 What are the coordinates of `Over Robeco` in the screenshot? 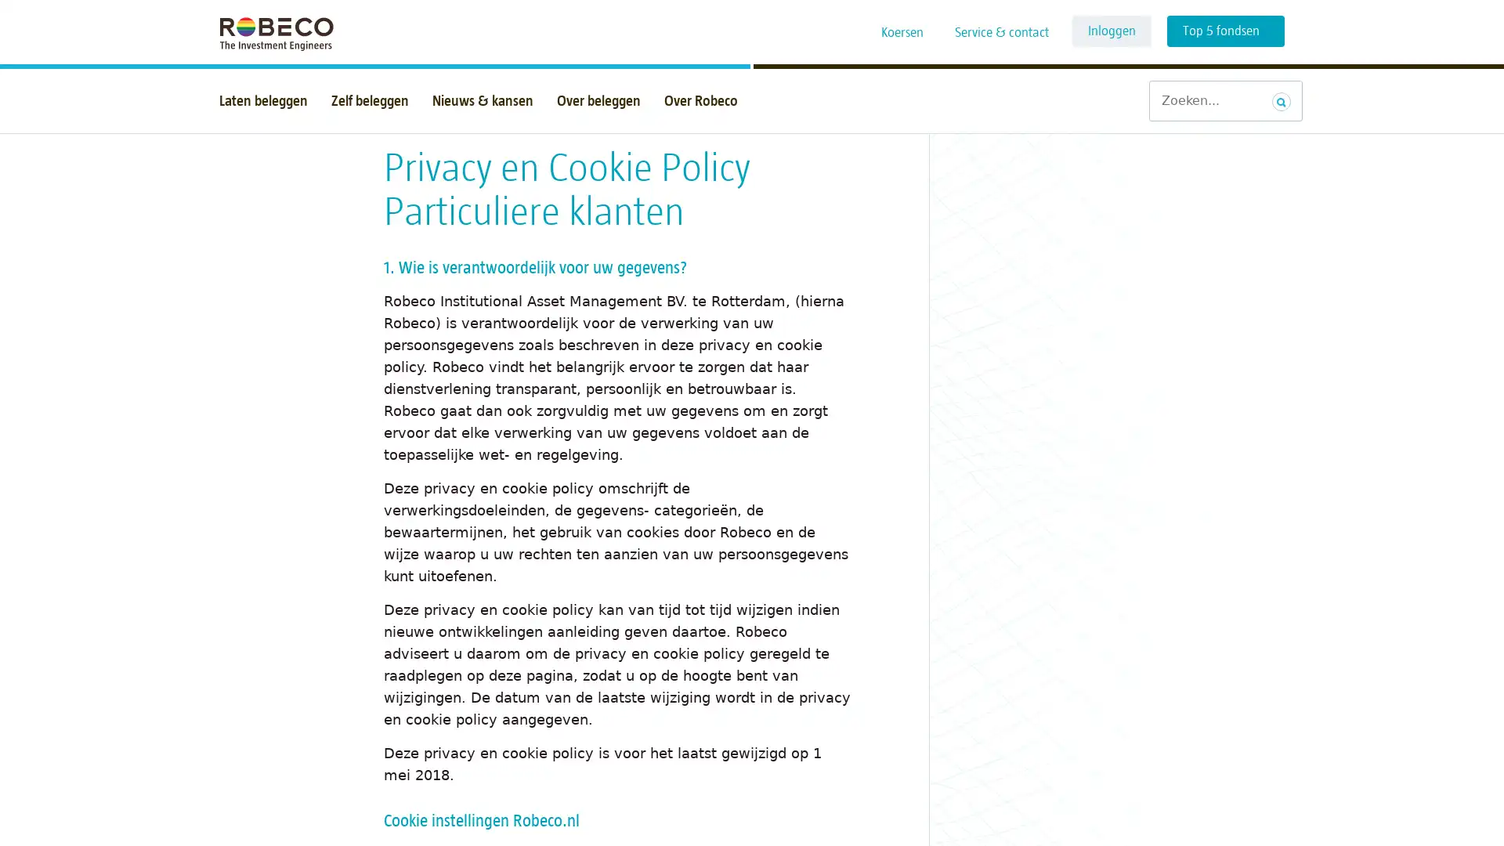 It's located at (700, 100).